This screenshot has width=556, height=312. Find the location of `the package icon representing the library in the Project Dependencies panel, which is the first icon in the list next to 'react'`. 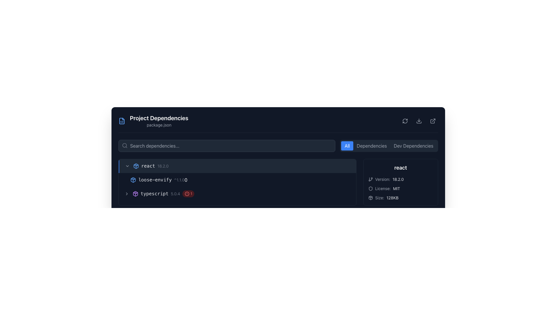

the package icon representing the library in the Project Dependencies panel, which is the first icon in the list next to 'react' is located at coordinates (136, 166).